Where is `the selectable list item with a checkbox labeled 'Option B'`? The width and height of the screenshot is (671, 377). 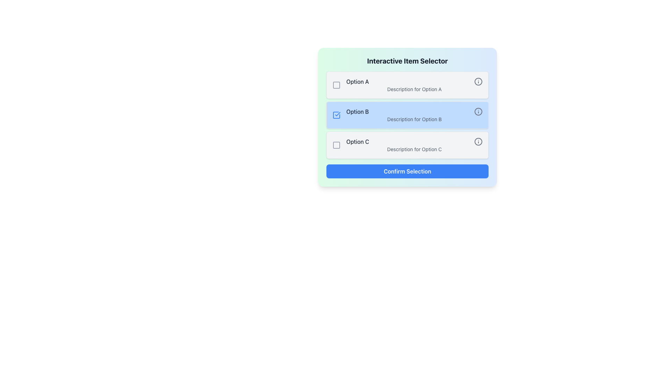 the selectable list item with a checkbox labeled 'Option B' is located at coordinates (407, 115).